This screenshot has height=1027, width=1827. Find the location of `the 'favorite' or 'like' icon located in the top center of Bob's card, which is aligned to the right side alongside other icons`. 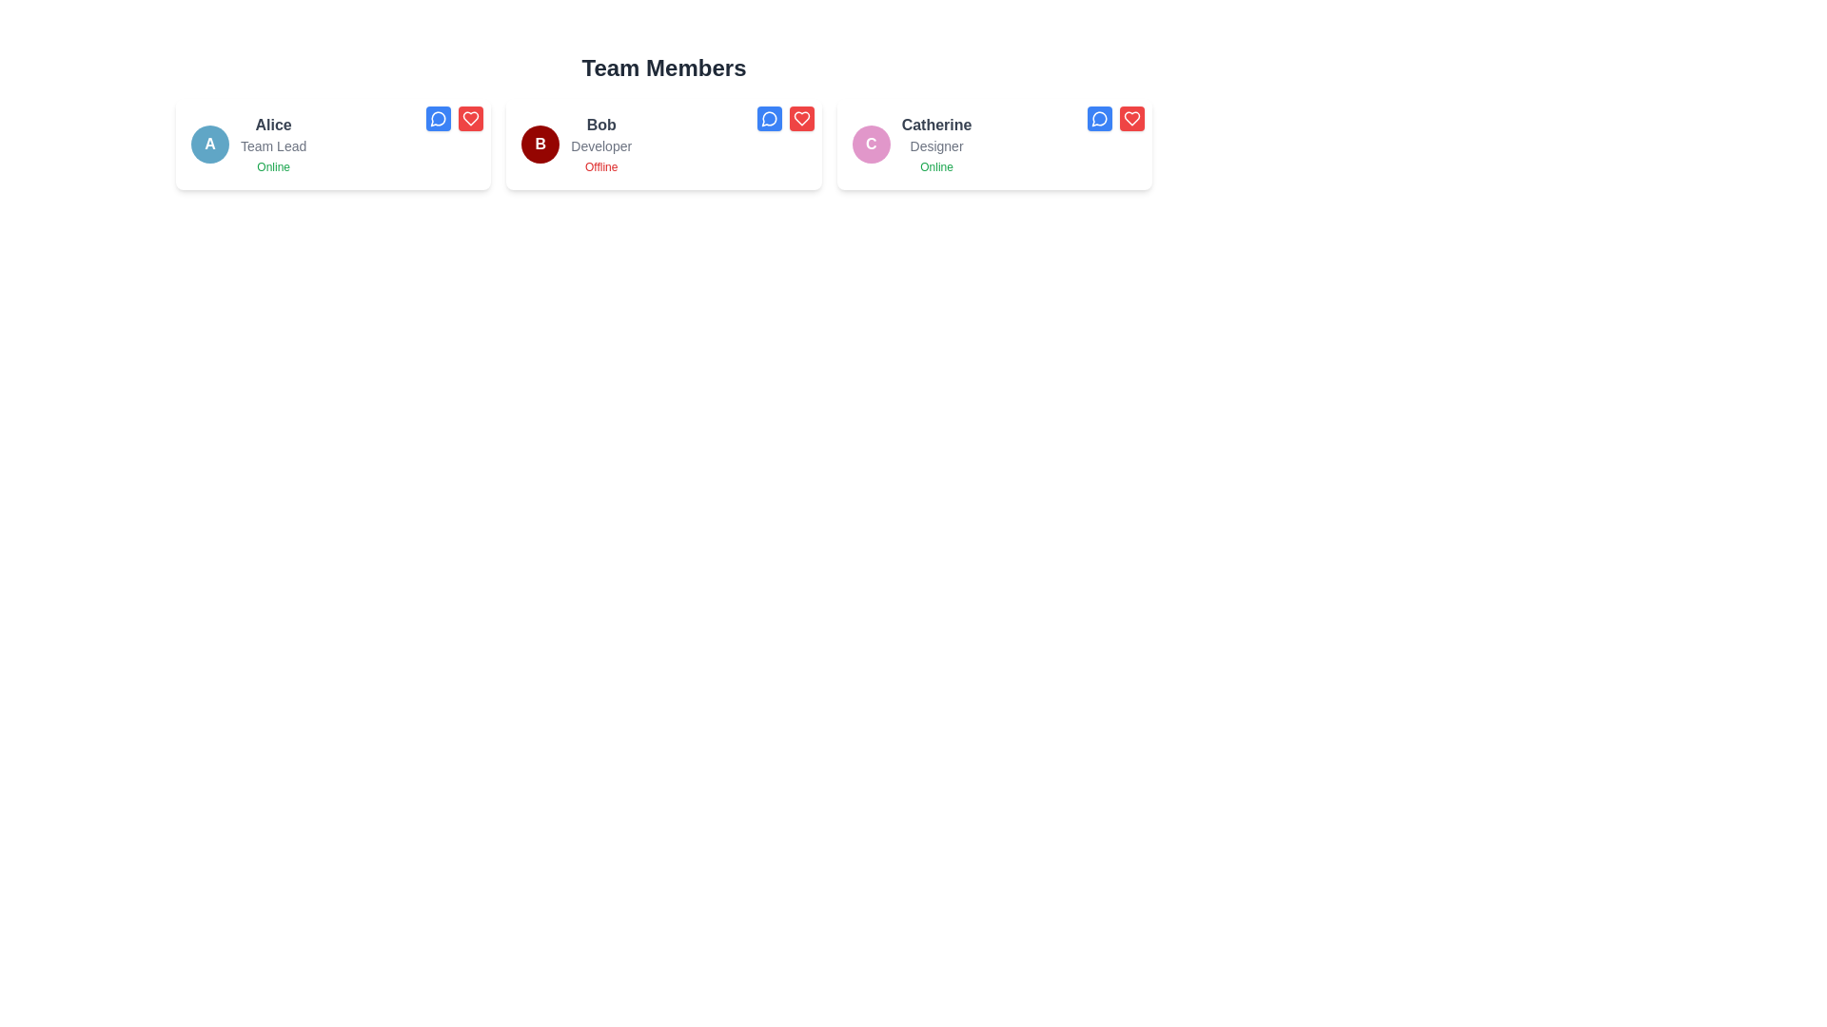

the 'favorite' or 'like' icon located in the top center of Bob's card, which is aligned to the right side alongside other icons is located at coordinates (471, 118).